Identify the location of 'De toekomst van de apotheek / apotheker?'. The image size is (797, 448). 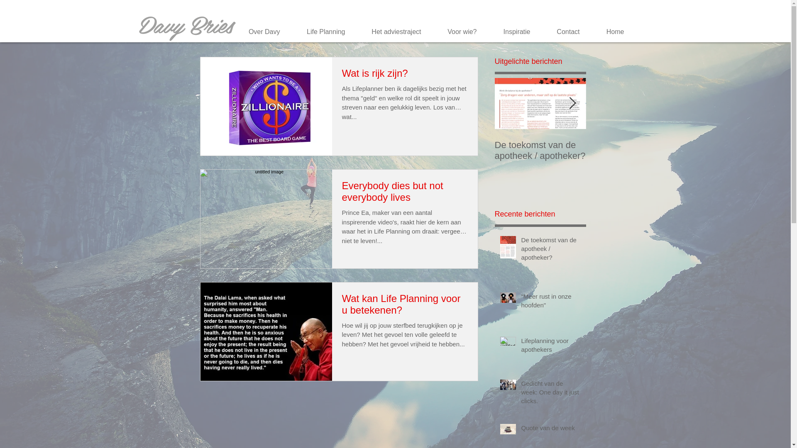
(521, 250).